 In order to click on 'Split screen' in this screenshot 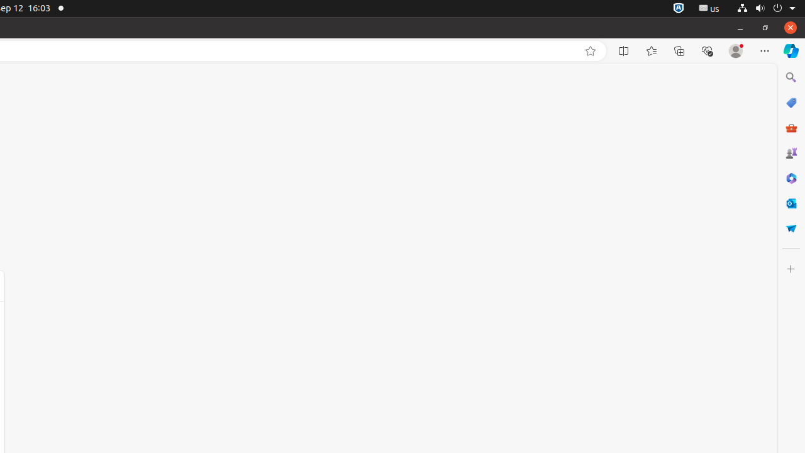, I will do `click(624, 50)`.